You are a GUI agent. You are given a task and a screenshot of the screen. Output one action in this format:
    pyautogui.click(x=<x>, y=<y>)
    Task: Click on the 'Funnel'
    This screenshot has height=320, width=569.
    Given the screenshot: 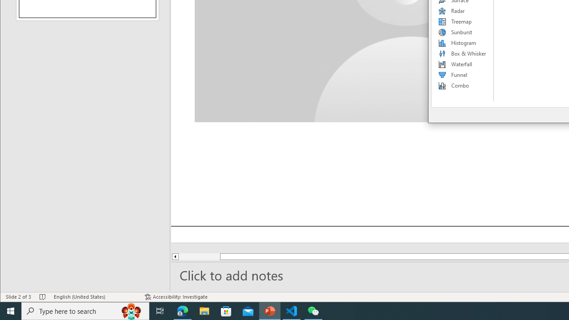 What is the action you would take?
    pyautogui.click(x=462, y=74)
    